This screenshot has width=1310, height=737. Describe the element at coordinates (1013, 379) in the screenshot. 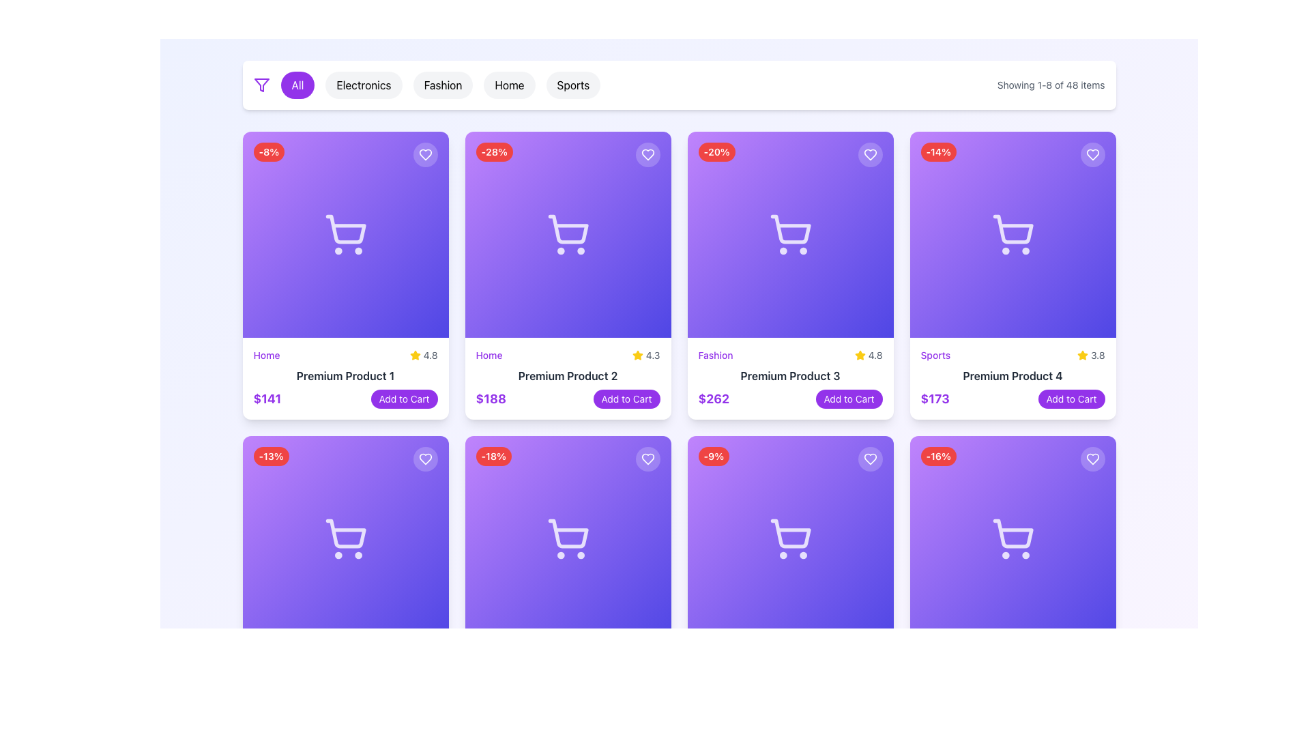

I see `textual information within the product item description and action panel, located at the bottom of the rightmost product card in the top row of the grid layout` at that location.